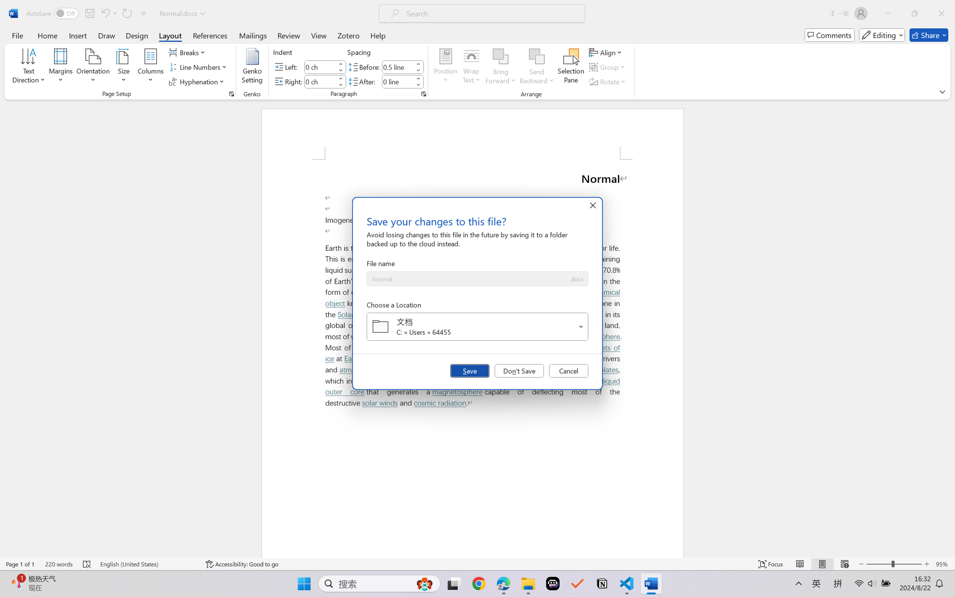  I want to click on 'Rotate', so click(608, 82).